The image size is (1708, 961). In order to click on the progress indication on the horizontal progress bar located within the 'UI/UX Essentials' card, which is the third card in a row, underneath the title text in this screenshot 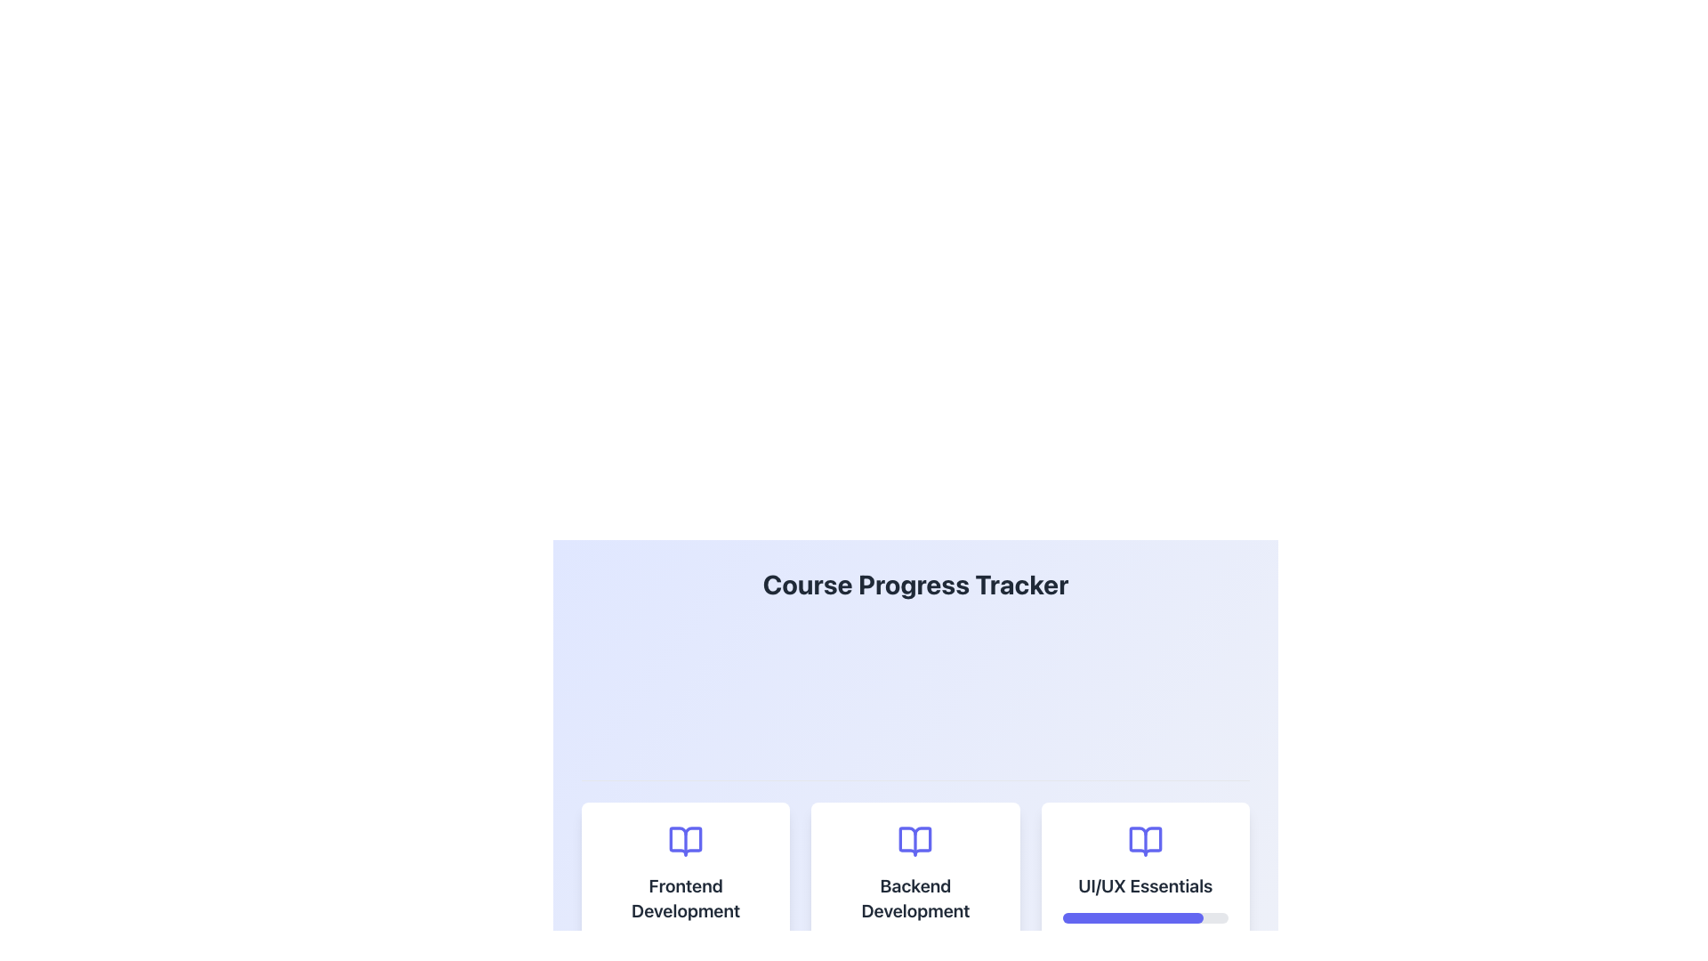, I will do `click(1145, 918)`.